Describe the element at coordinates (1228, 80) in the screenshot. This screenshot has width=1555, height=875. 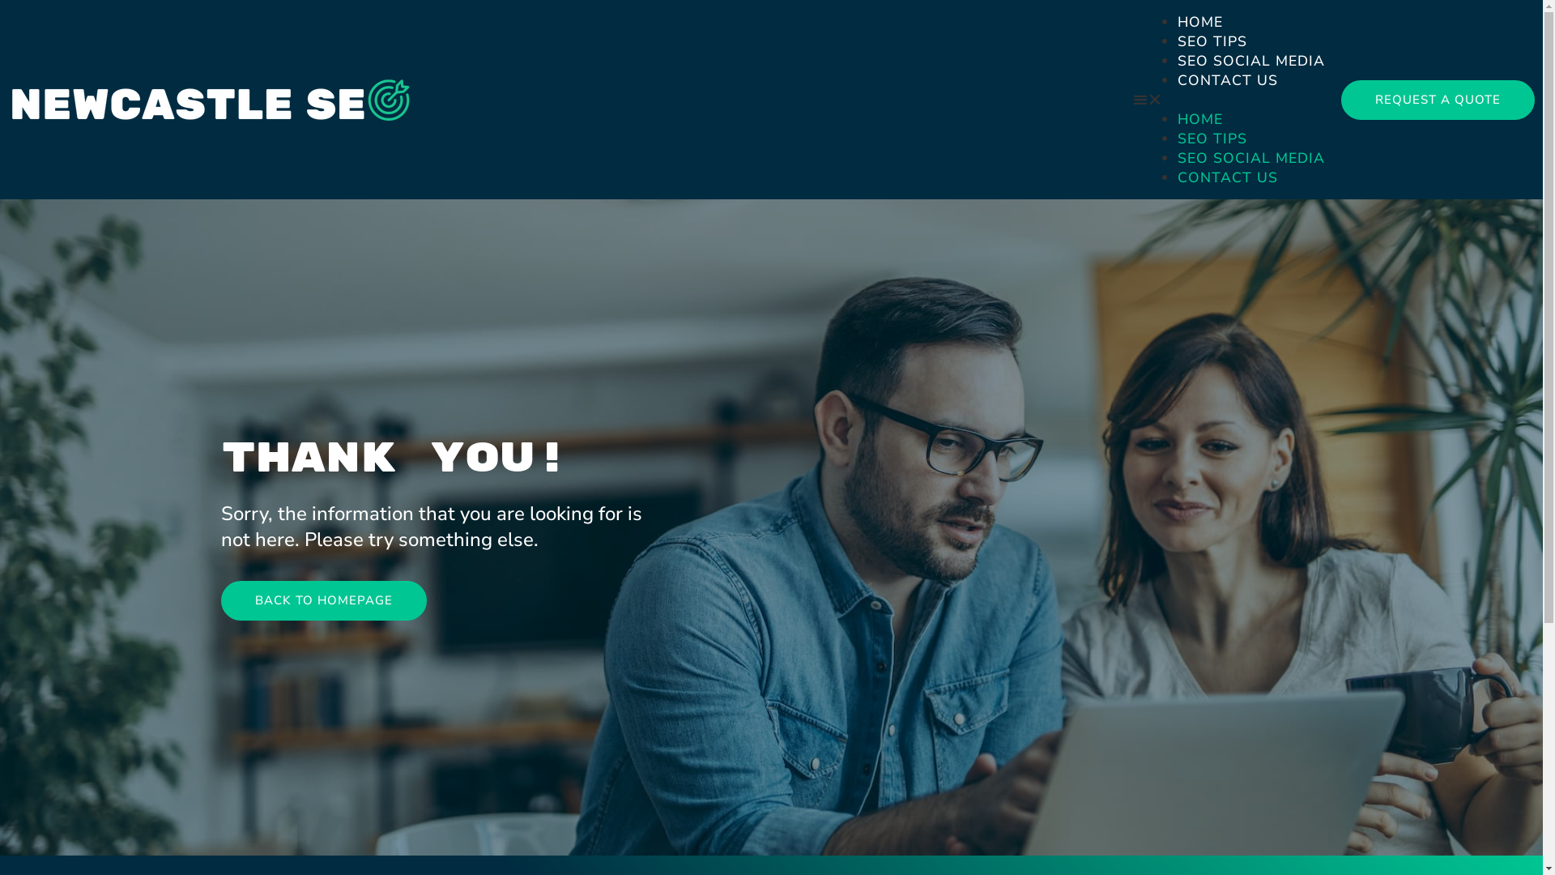
I see `'CONTACT US'` at that location.